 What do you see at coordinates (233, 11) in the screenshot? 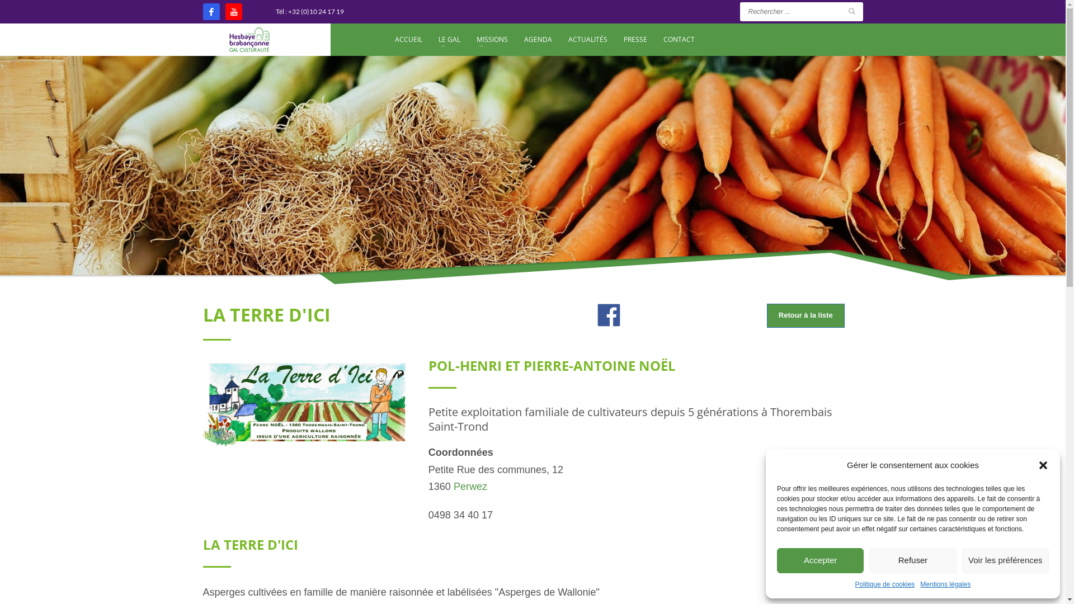
I see `'Youyube'` at bounding box center [233, 11].